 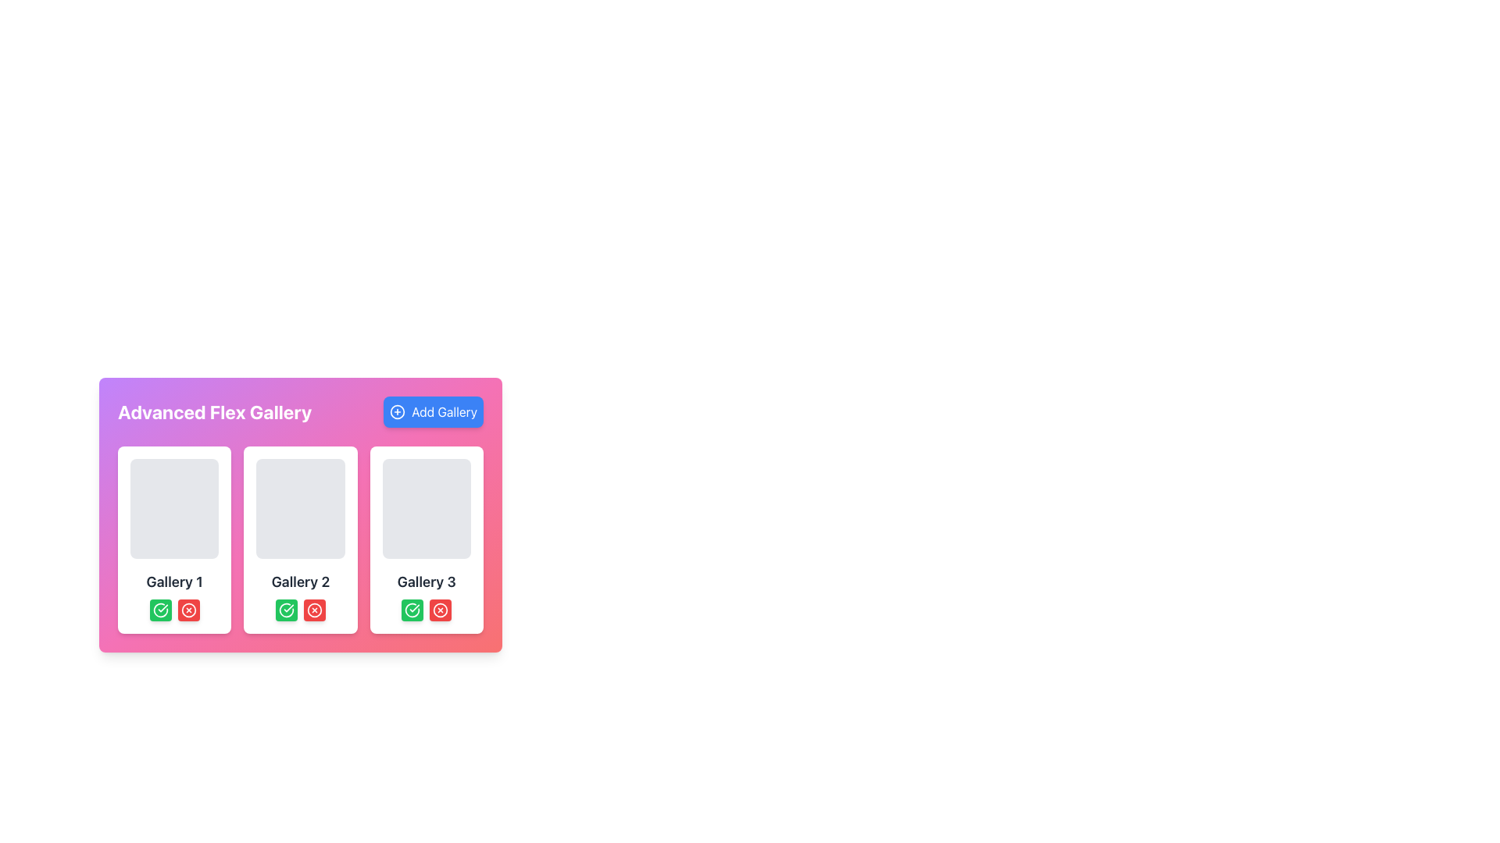 I want to click on the group of two buttons in the Advanced Flex Gallery located under the Gallery 1 heading, which includes a green button with a checkmark and a red button with a cross, so click(x=174, y=610).